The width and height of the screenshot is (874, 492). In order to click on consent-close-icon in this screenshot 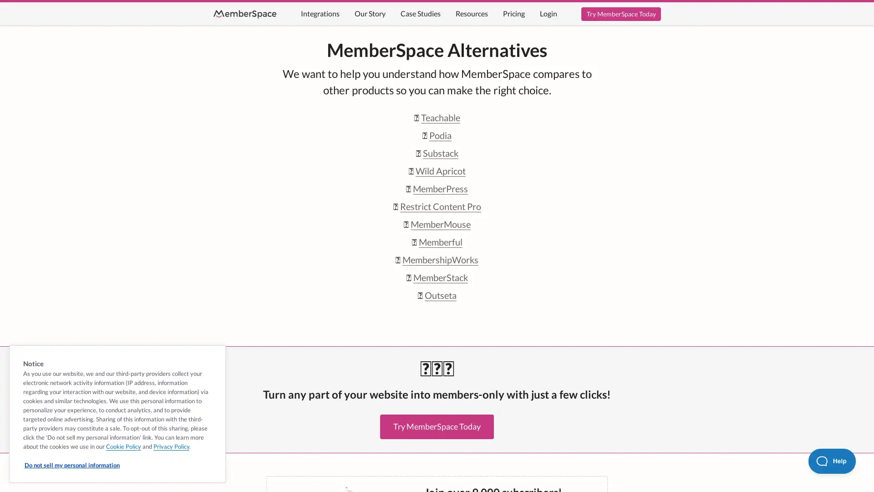, I will do `click(214, 354)`.